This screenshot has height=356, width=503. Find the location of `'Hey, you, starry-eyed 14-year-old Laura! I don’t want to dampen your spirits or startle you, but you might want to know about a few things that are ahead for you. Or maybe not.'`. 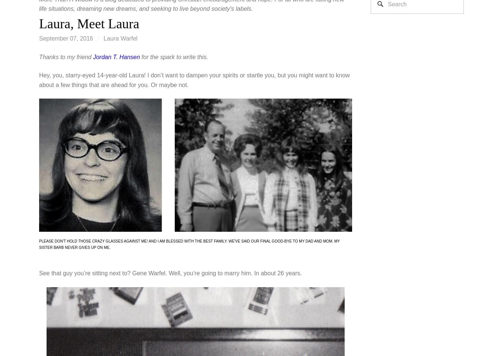

'Hey, you, starry-eyed 14-year-old Laura! I don’t want to dampen your spirits or startle you, but you might want to know about a few things that are ahead for you. Or maybe not.' is located at coordinates (39, 80).